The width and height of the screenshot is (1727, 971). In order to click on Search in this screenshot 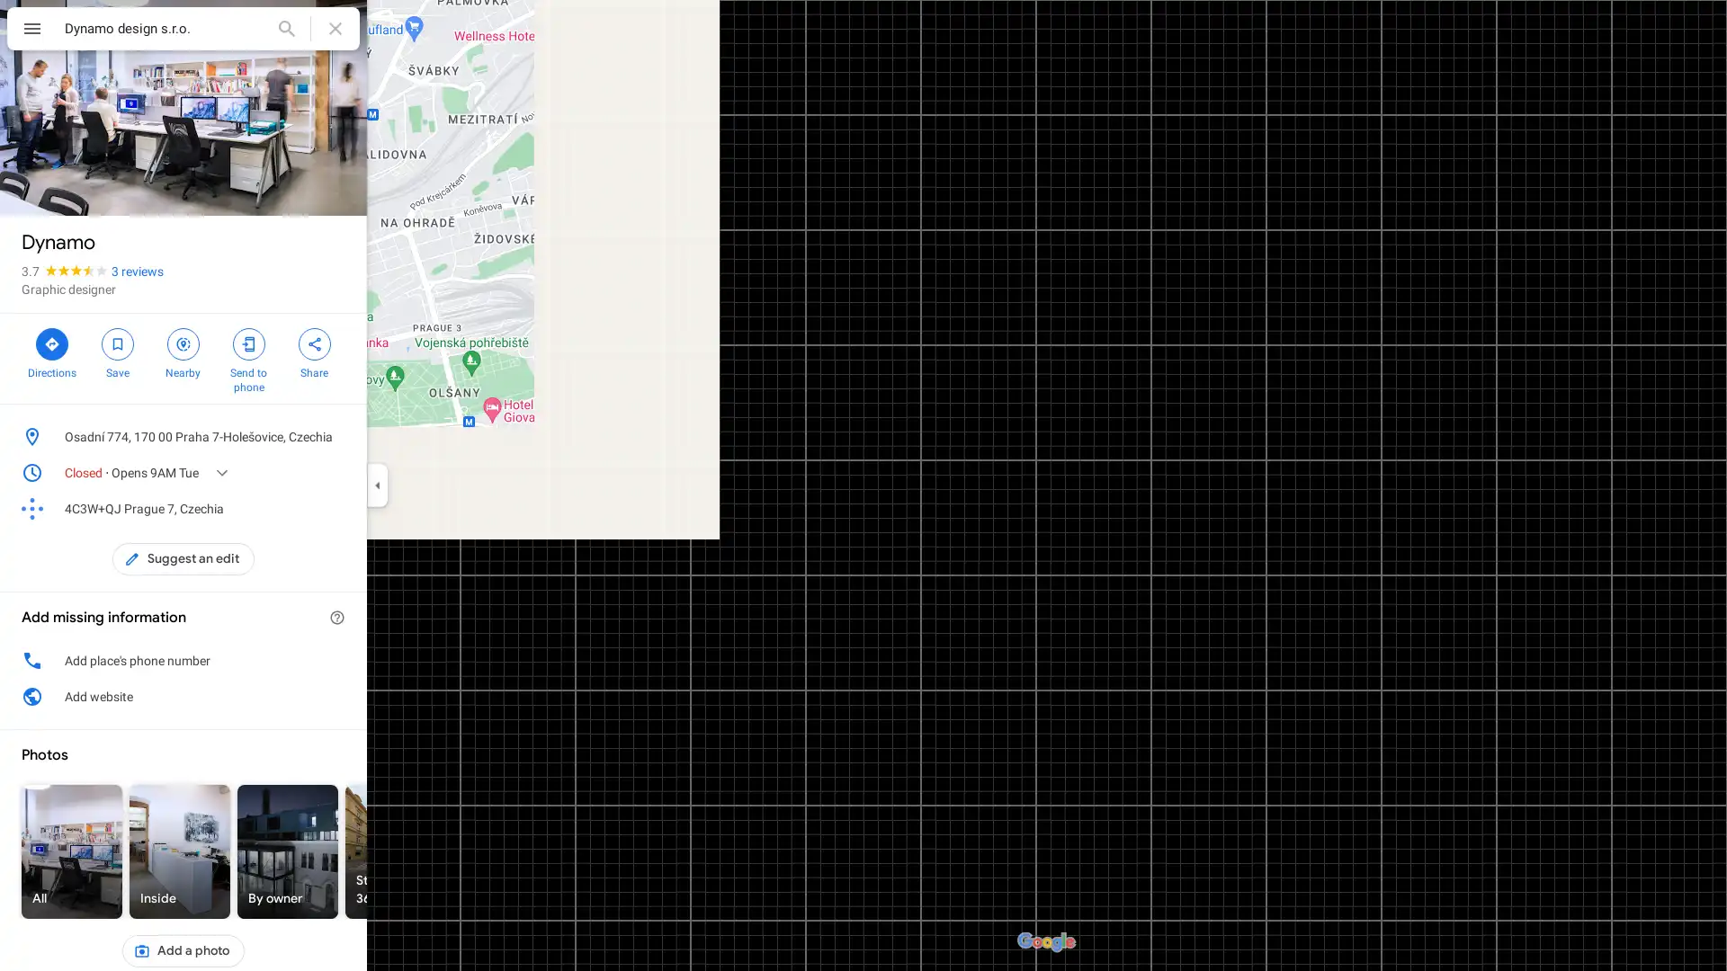, I will do `click(285, 28)`.